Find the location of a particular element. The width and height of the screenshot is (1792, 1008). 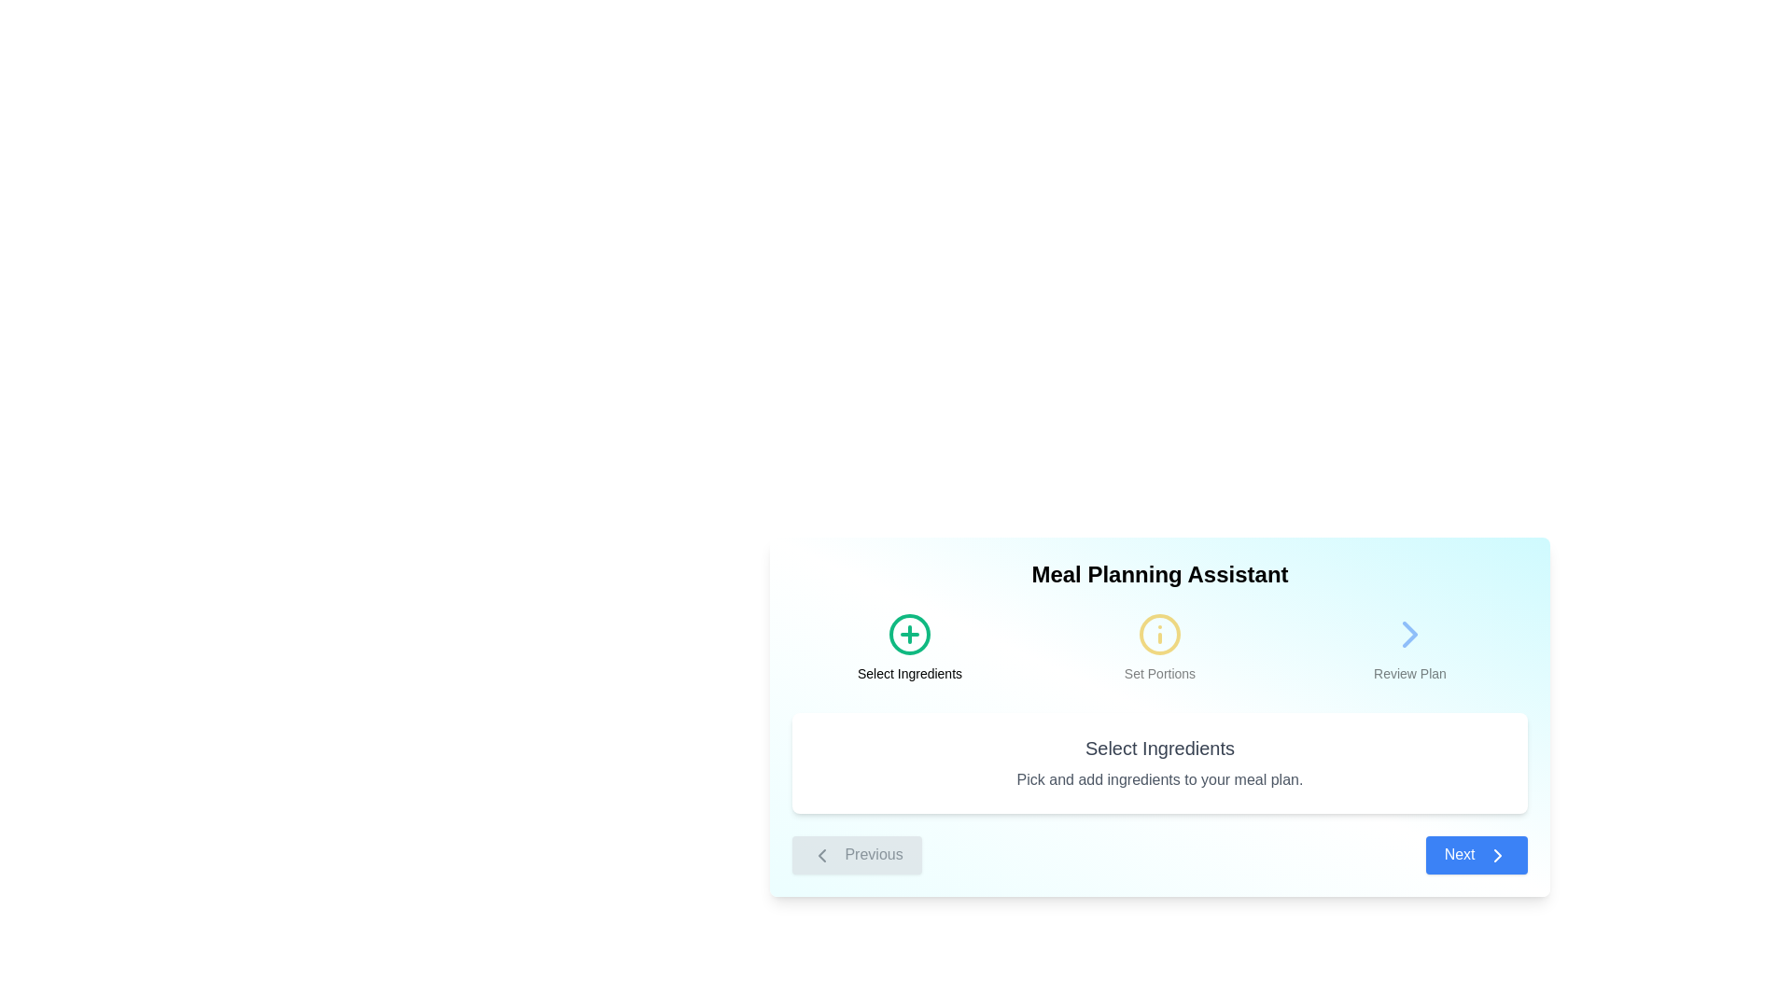

the first button in the lower left part of the horizontal navigation bar is located at coordinates (856, 855).